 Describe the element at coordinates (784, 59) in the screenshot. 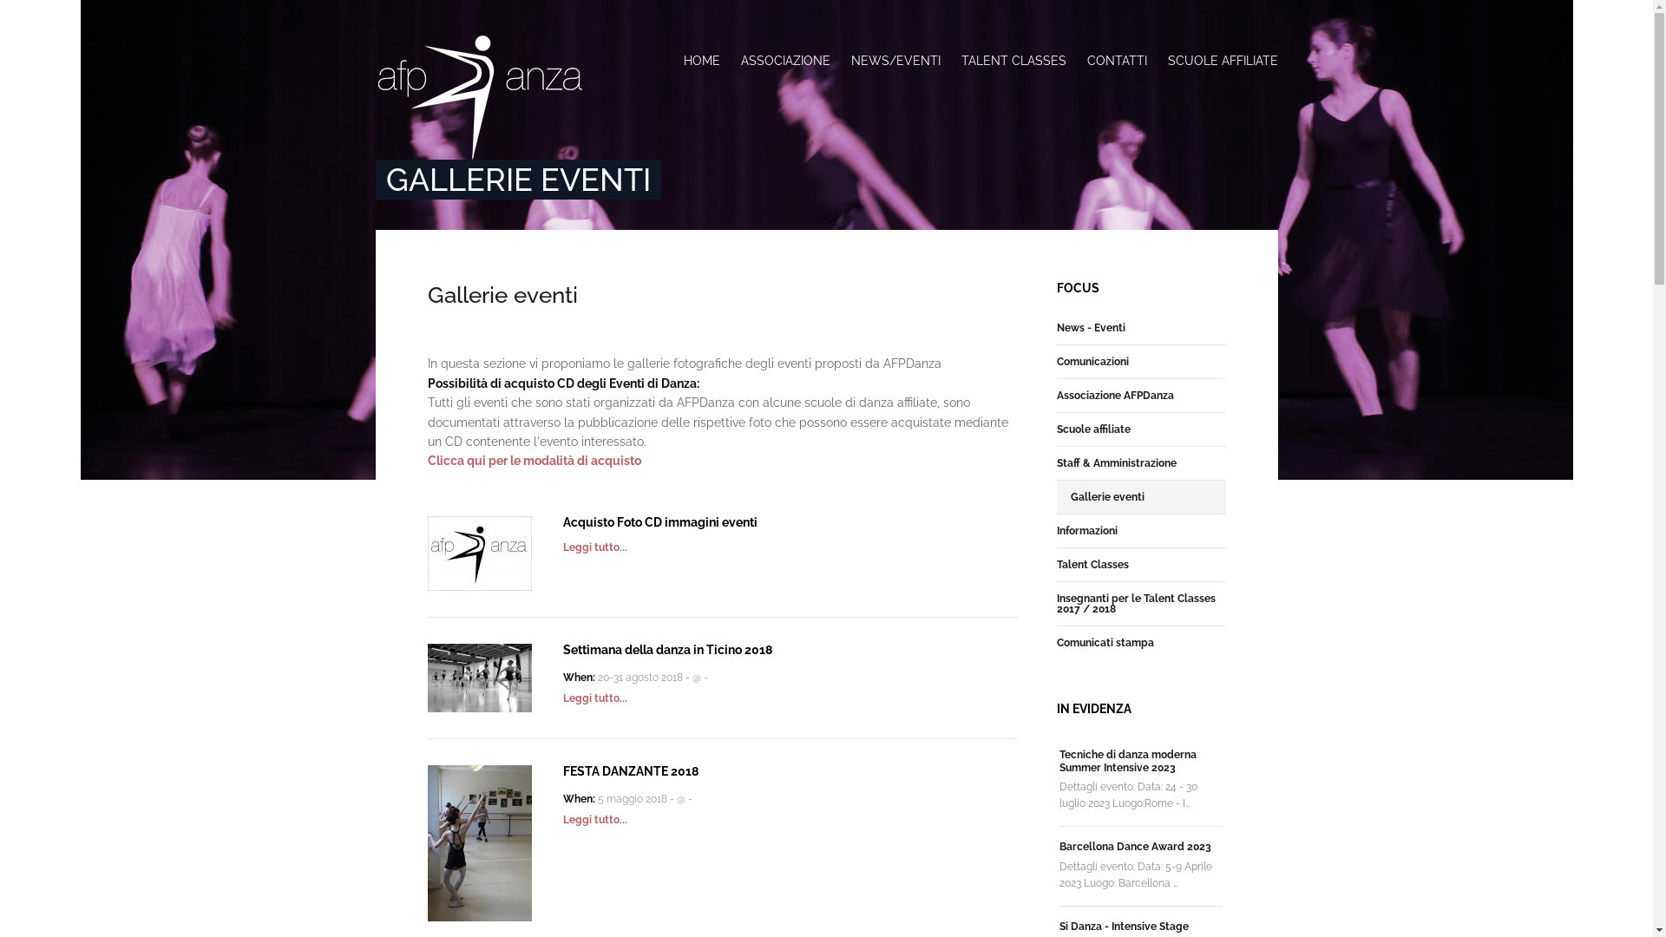

I see `'ASSOCIAZIONE'` at that location.